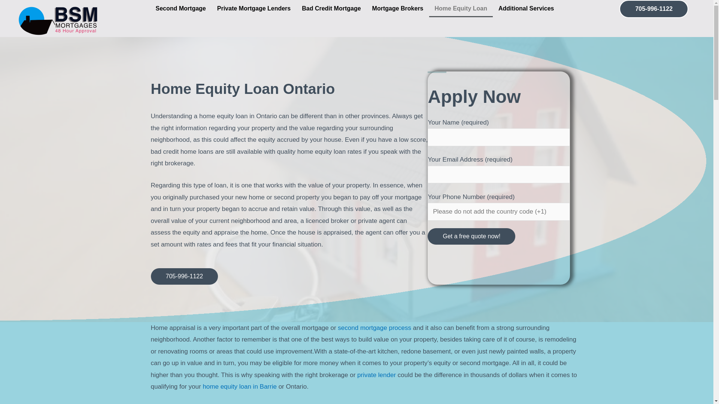 The image size is (719, 404). Describe the element at coordinates (180, 9) in the screenshot. I see `'Second Mortgage'` at that location.